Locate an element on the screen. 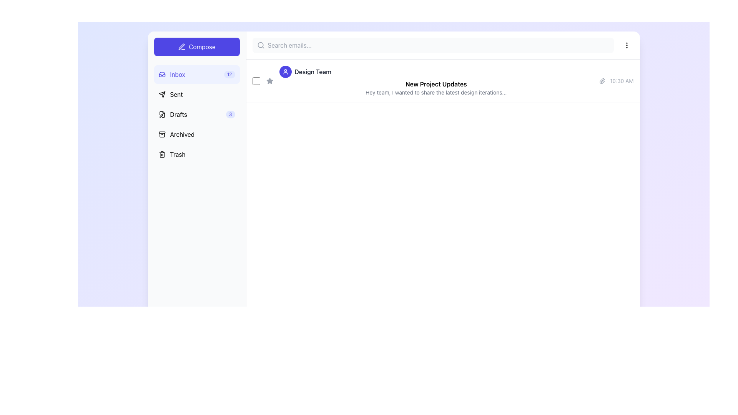  the Avatar Icon, which is a circular indigo icon with a white user-like symbol, located at the far left side of the 'Design Team' entry row is located at coordinates (285, 71).